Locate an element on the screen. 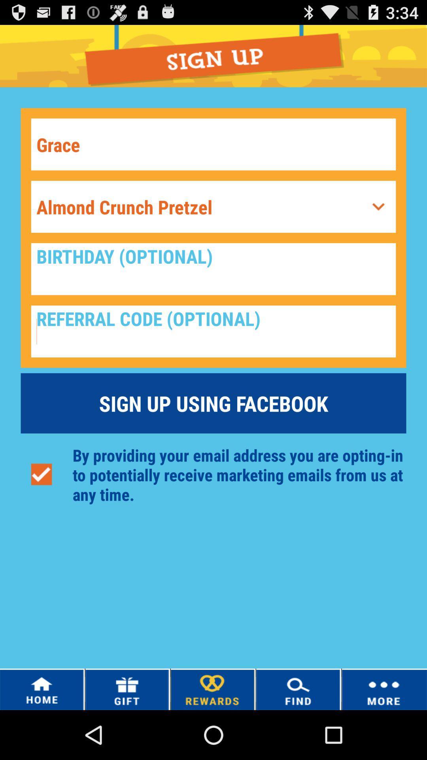 This screenshot has height=760, width=427. access drop down menu is located at coordinates (378, 207).